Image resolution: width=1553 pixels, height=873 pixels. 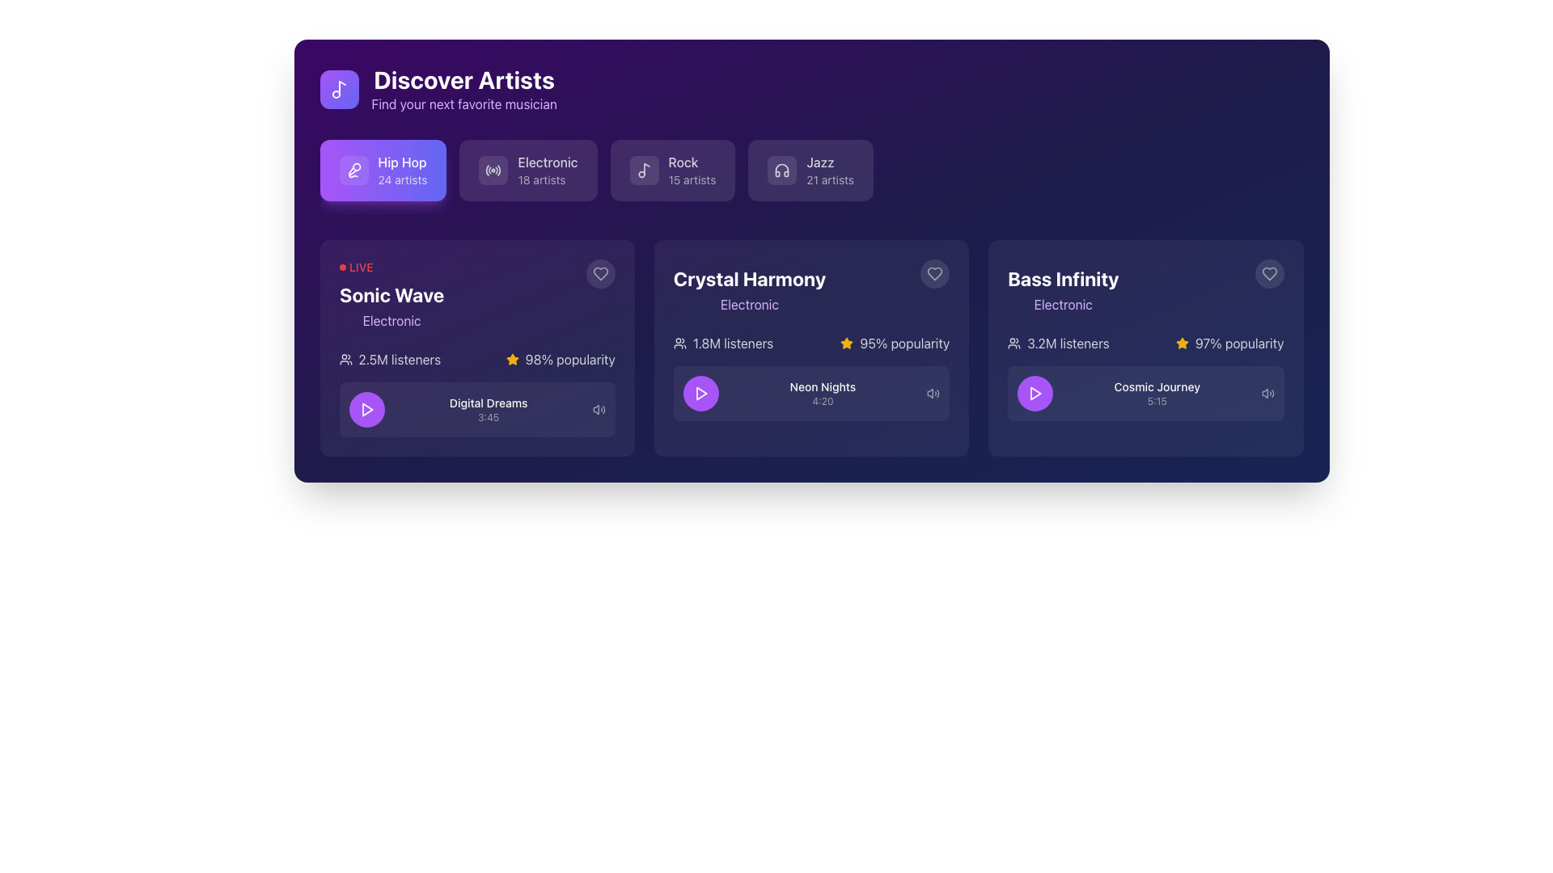 I want to click on the 'Jazz' button with a purple background, which contains the text 'Jazz' and '21 artists' along with a headphones icon, so click(x=830, y=171).